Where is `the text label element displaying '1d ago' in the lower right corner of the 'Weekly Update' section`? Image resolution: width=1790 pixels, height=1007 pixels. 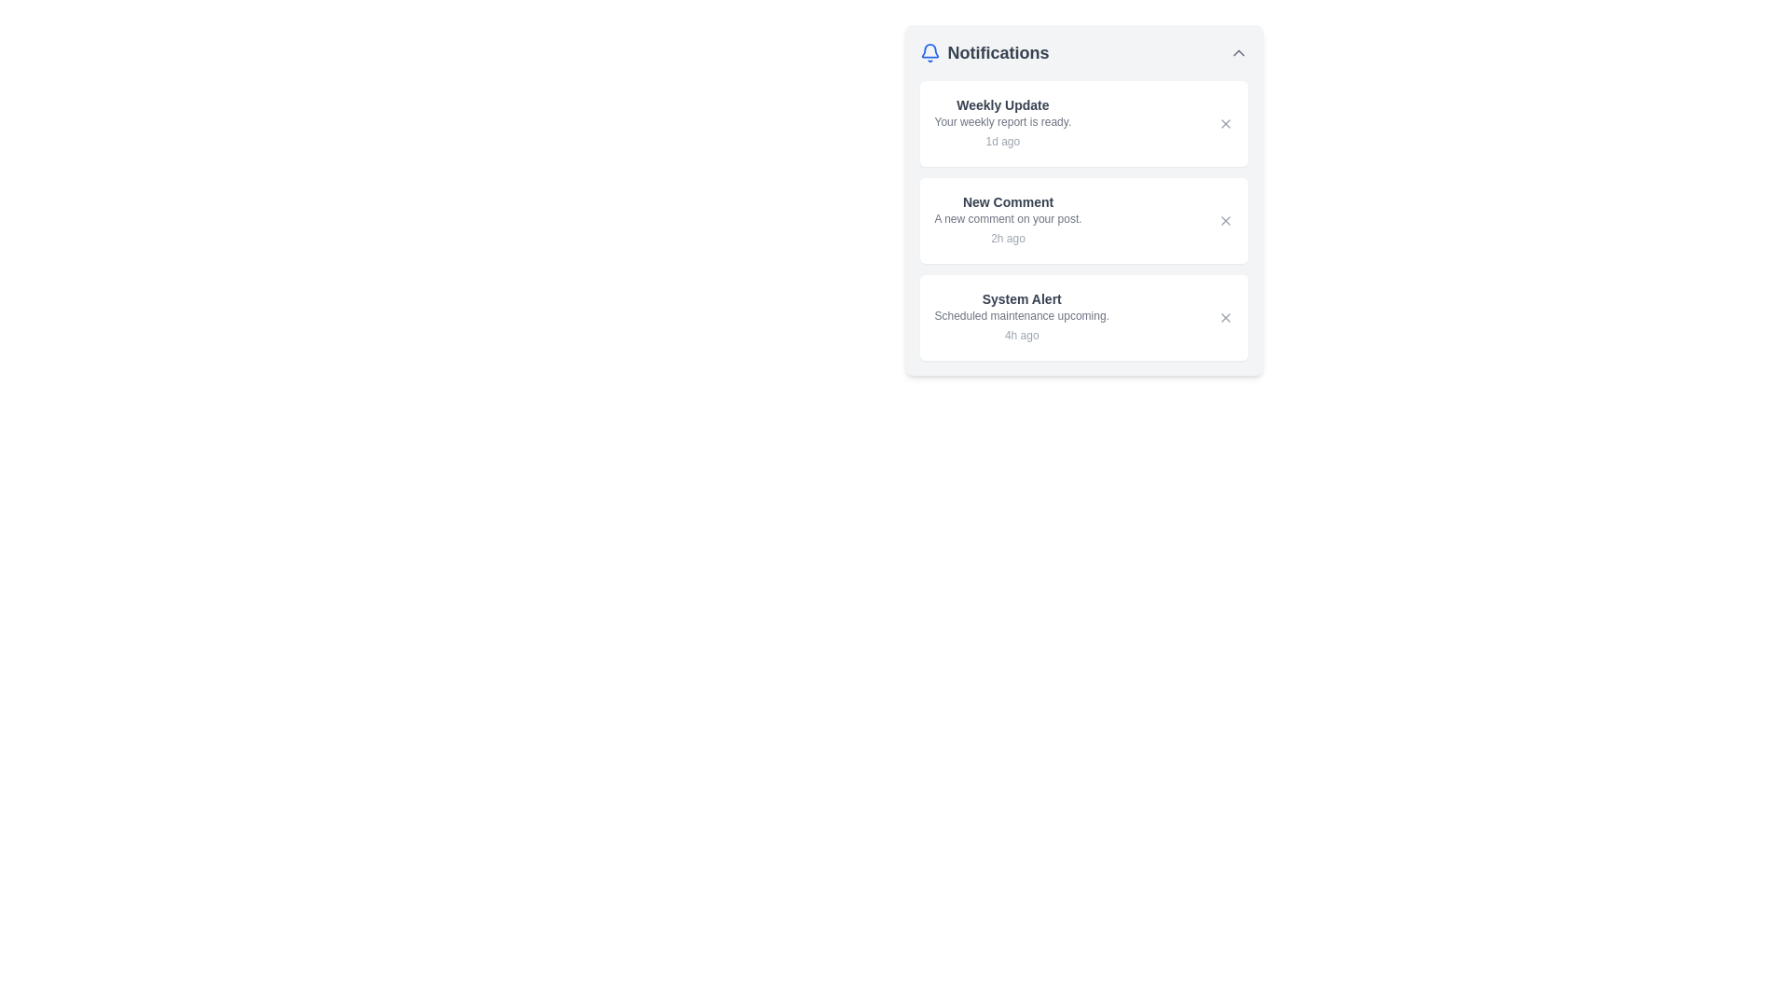 the text label element displaying '1d ago' in the lower right corner of the 'Weekly Update' section is located at coordinates (1001, 140).